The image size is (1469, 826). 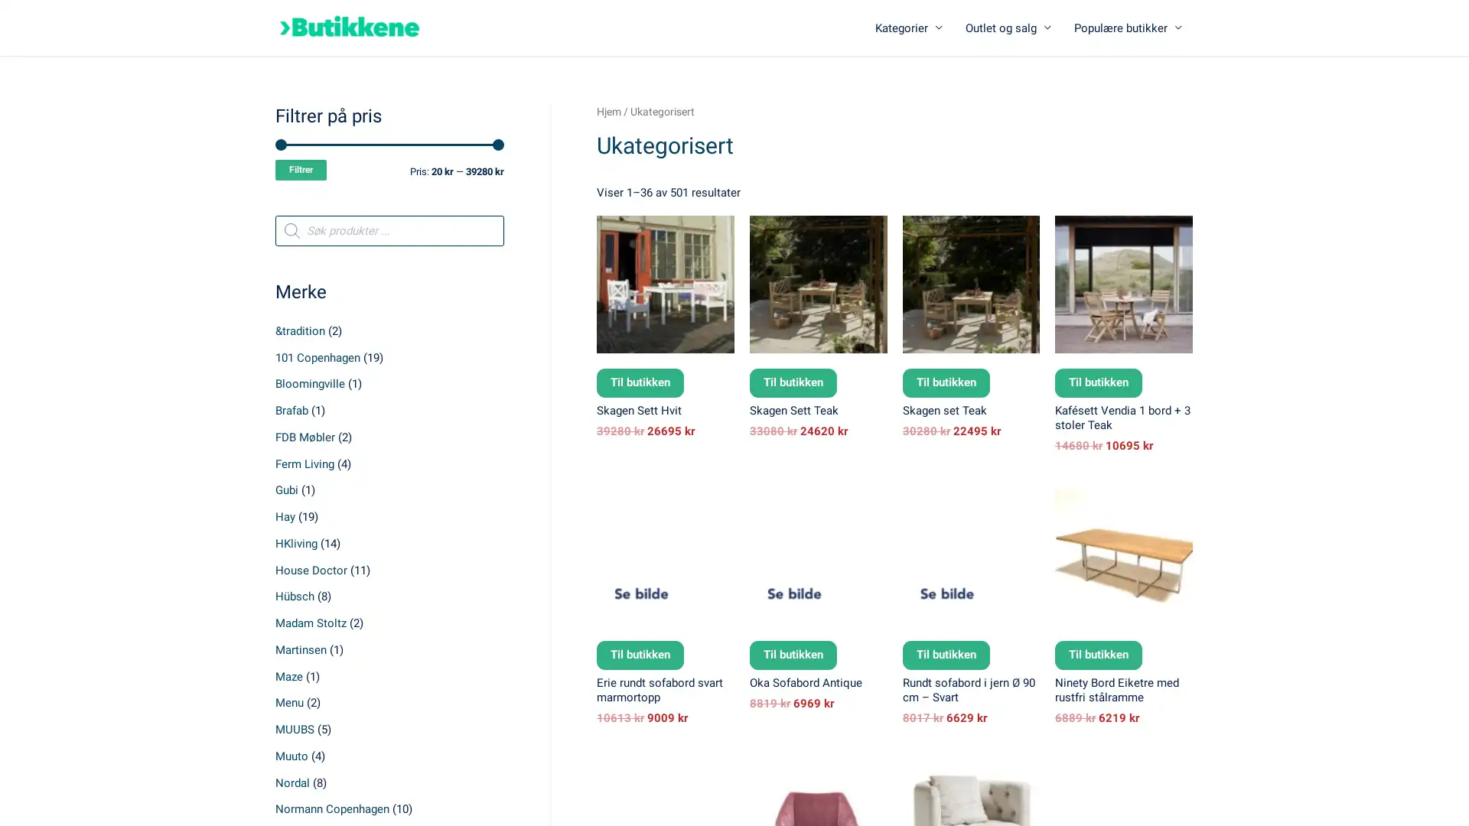 What do you see at coordinates (301, 170) in the screenshot?
I see `Filtrer` at bounding box center [301, 170].